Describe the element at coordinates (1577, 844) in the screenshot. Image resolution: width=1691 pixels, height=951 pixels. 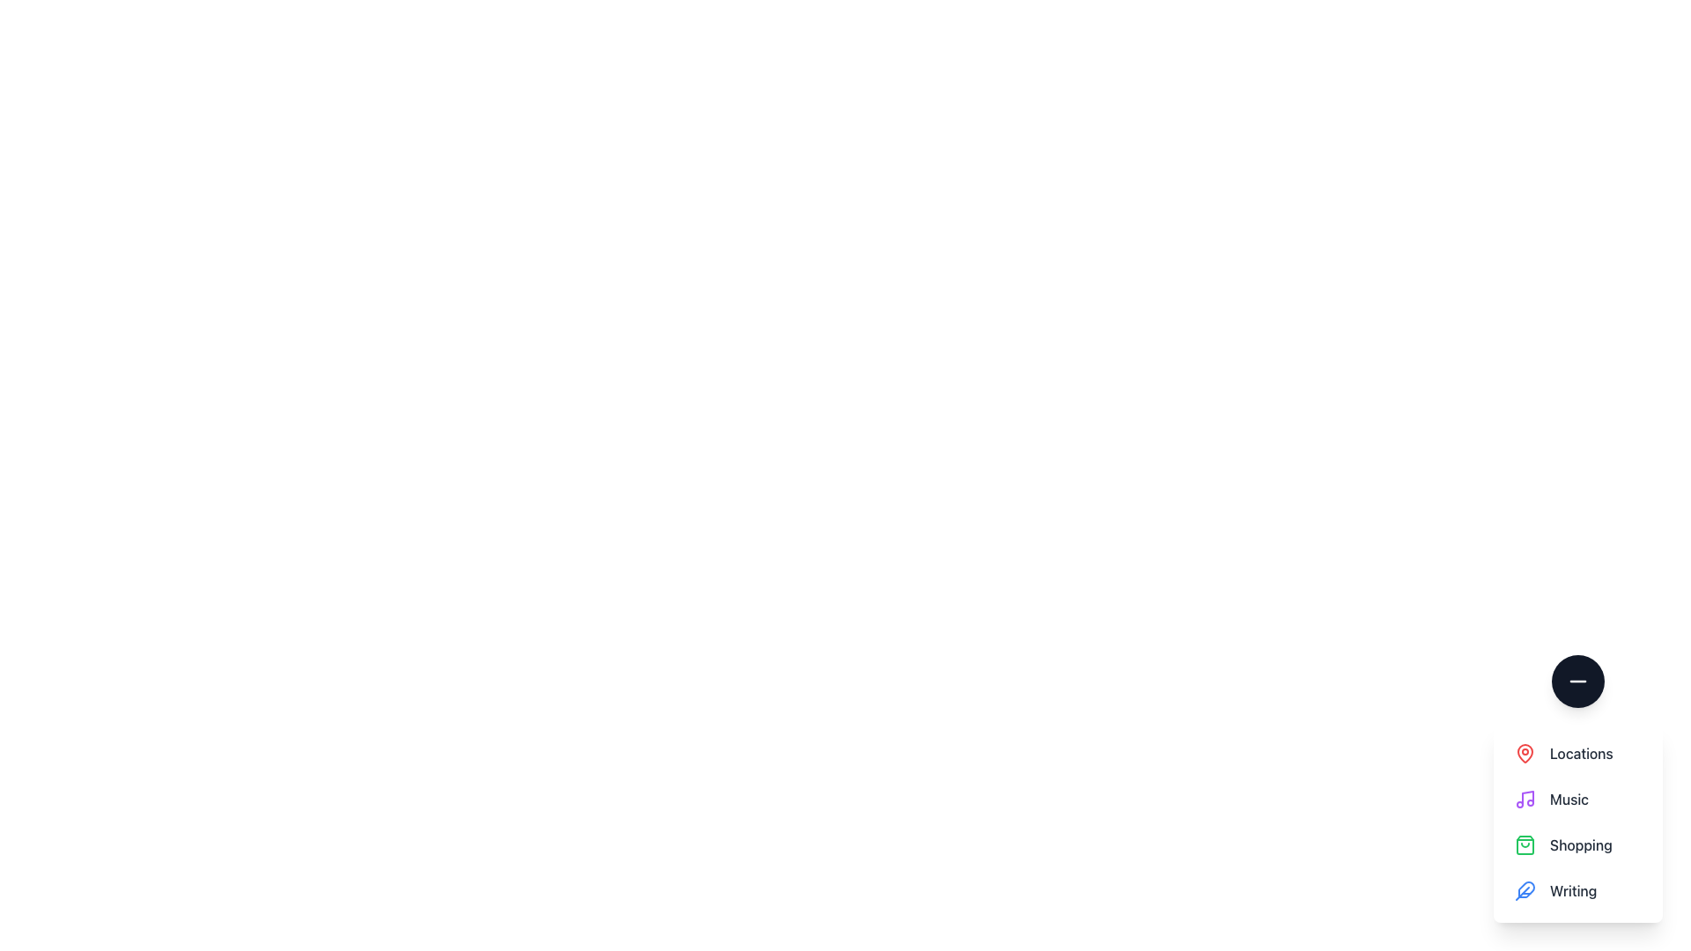
I see `the 'Shopping' menu item, which is the third item in a vertical list and features a green shopping bag icon next to medium-weight gray text` at that location.